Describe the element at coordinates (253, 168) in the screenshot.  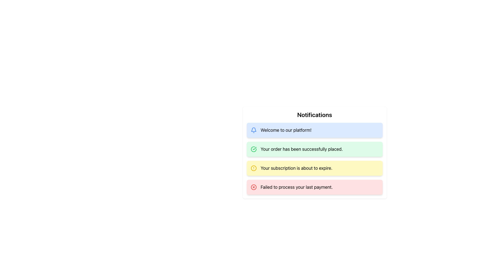
I see `the circular alert icon within the yellow notification entry in the list of notifications` at that location.